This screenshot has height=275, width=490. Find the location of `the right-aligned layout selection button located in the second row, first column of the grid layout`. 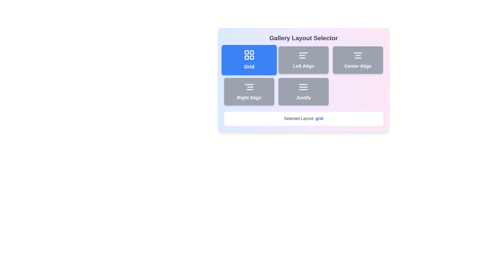

the right-aligned layout selection button located in the second row, first column of the grid layout is located at coordinates (249, 91).